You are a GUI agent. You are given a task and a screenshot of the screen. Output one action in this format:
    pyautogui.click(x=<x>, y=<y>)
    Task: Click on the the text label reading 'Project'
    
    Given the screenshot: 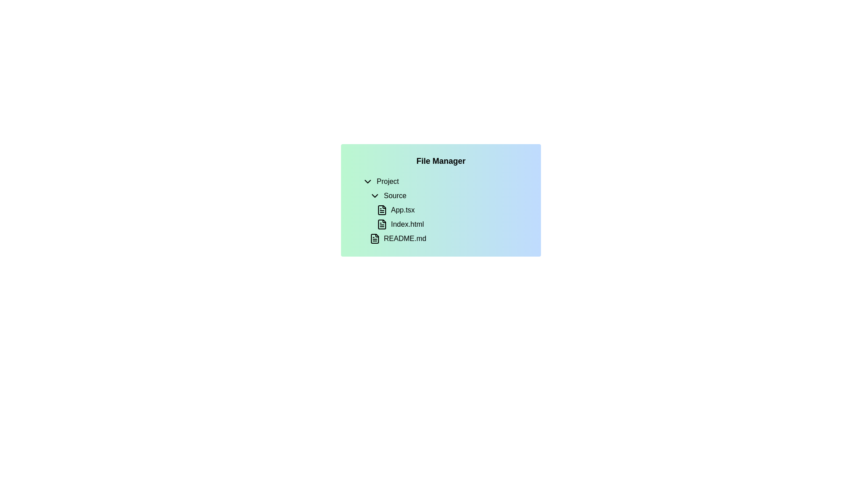 What is the action you would take?
    pyautogui.click(x=387, y=181)
    